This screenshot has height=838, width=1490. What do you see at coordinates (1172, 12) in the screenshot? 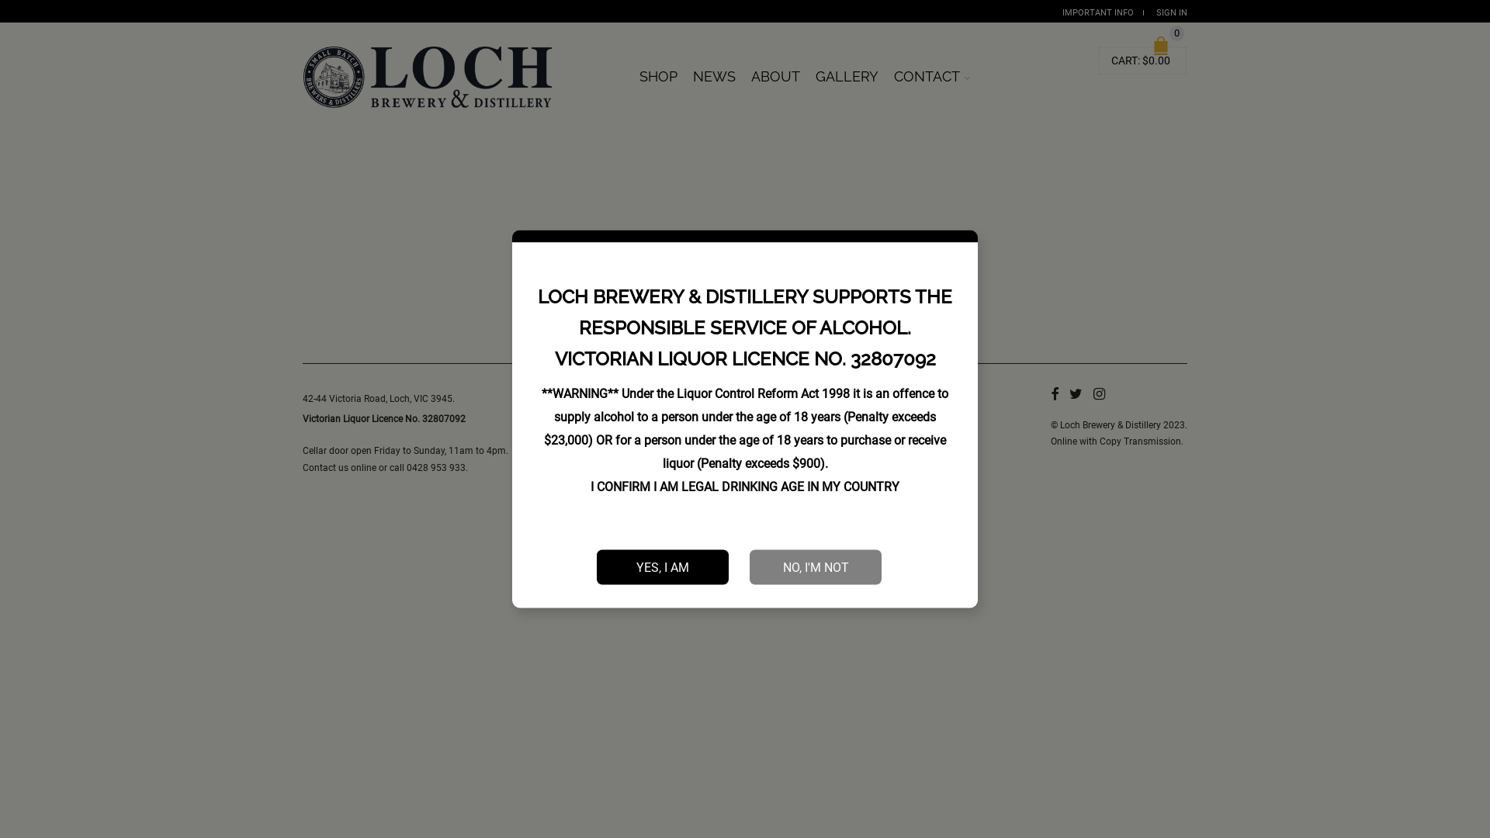
I see `'SIGN IN'` at bounding box center [1172, 12].